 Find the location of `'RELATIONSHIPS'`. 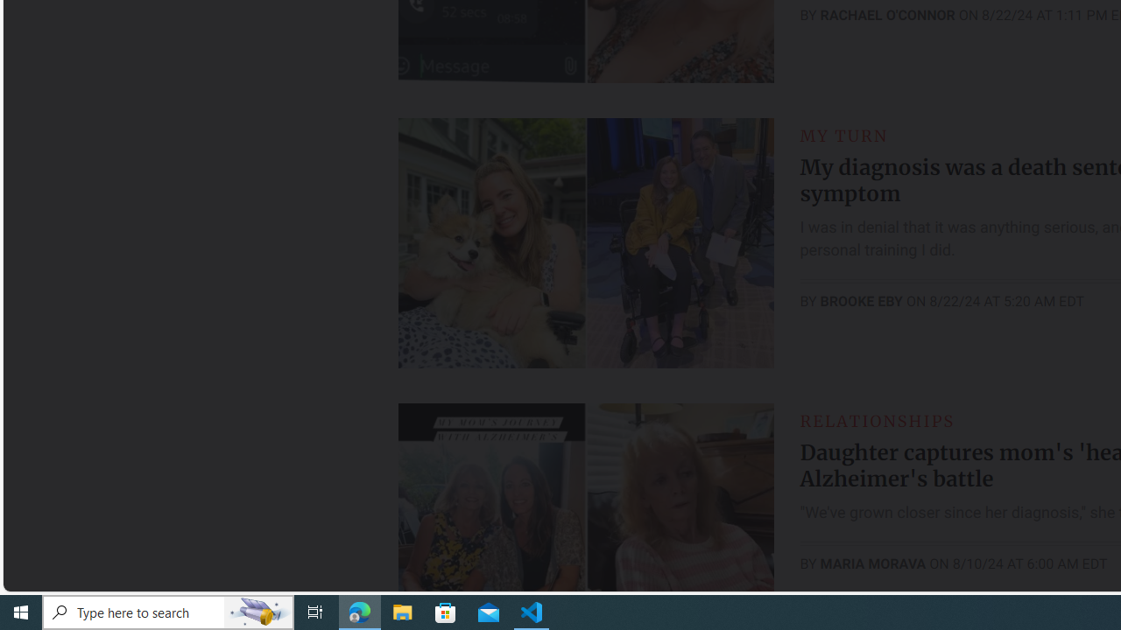

'RELATIONSHIPS' is located at coordinates (877, 420).